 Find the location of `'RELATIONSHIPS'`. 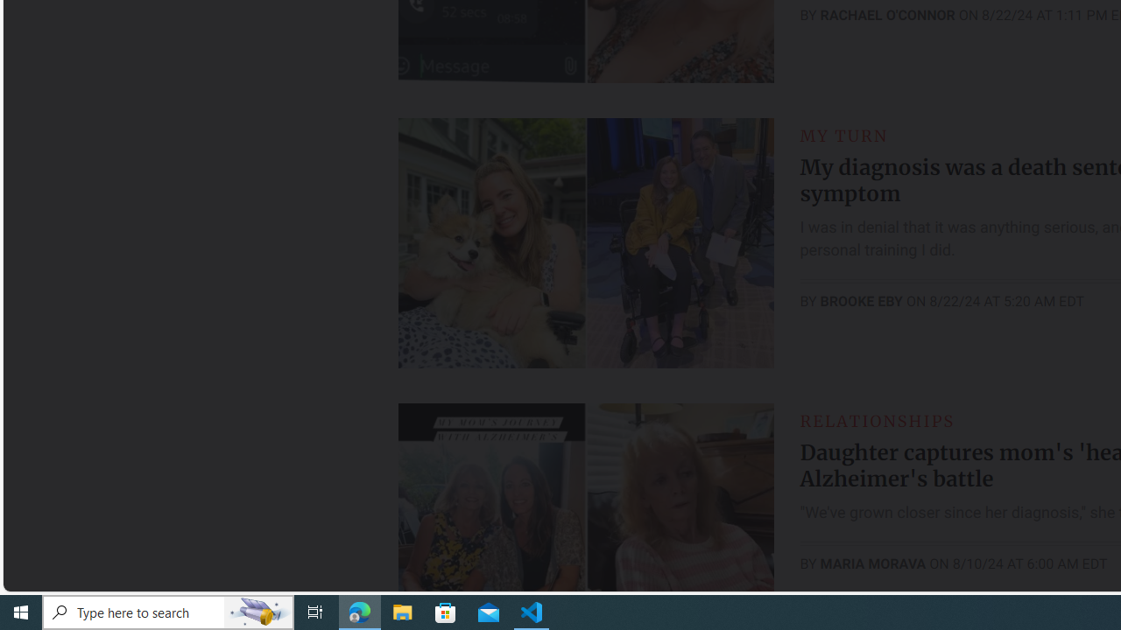

'RELATIONSHIPS' is located at coordinates (877, 420).